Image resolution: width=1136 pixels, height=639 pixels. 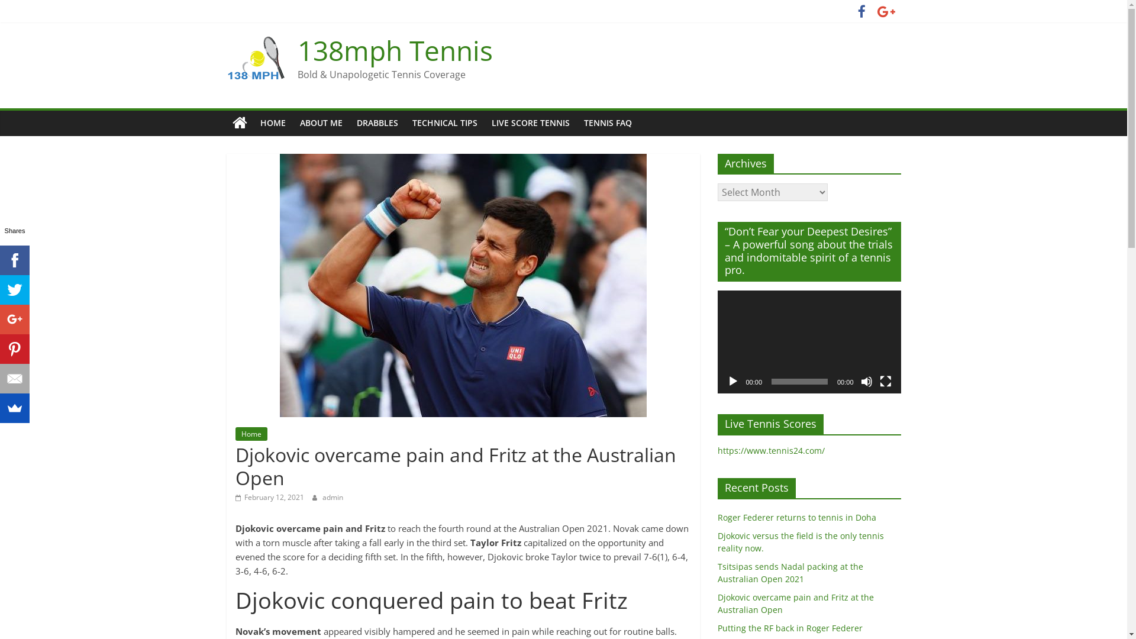 What do you see at coordinates (770, 450) in the screenshot?
I see `'https://www.tennis24.com/'` at bounding box center [770, 450].